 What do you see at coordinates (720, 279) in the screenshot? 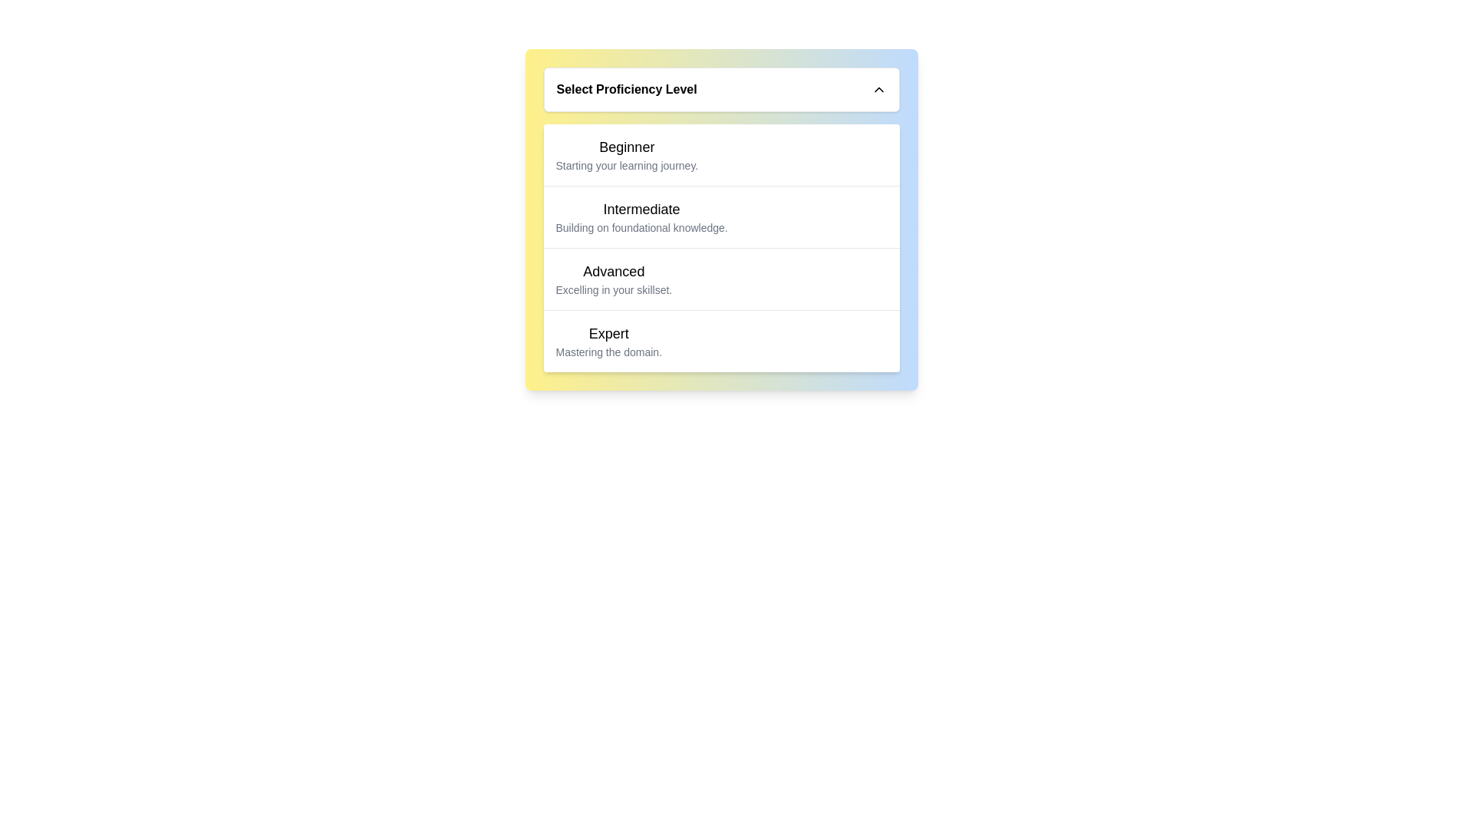
I see `the third item` at bounding box center [720, 279].